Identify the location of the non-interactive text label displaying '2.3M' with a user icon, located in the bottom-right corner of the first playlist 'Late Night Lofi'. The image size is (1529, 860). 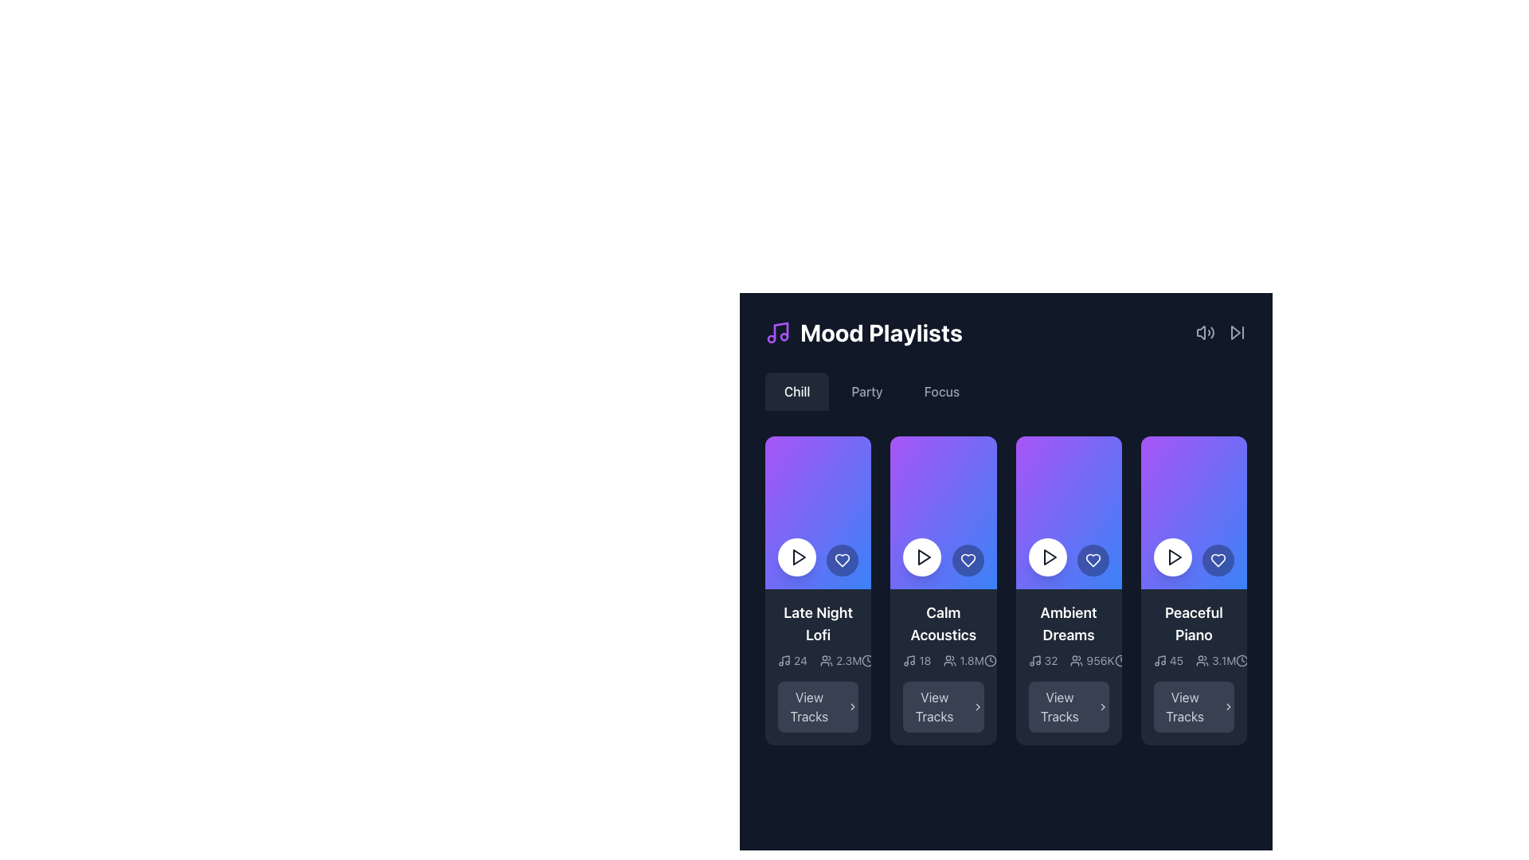
(819, 660).